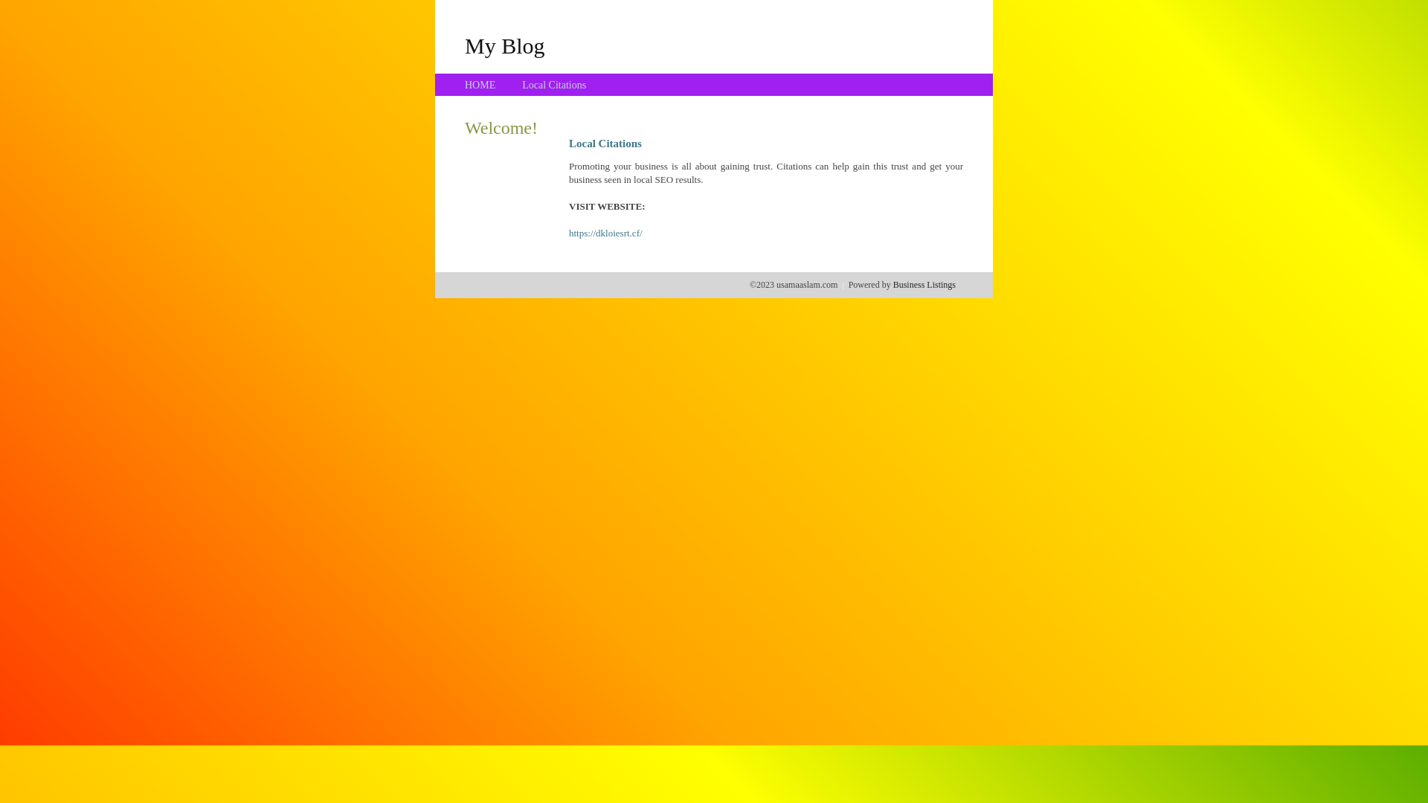  I want to click on 'My Blog', so click(504, 45).